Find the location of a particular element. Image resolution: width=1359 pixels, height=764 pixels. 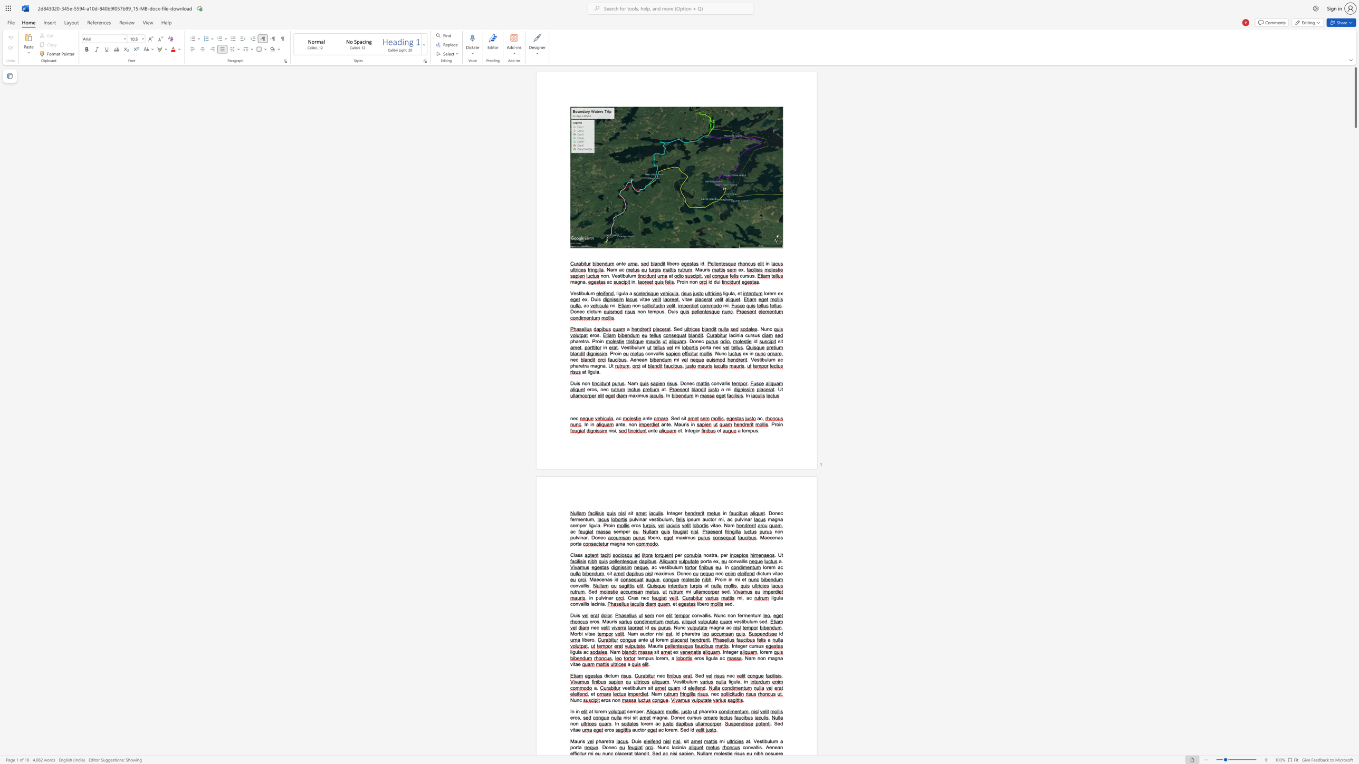

the 1th character "u" in the text is located at coordinates (718, 615).